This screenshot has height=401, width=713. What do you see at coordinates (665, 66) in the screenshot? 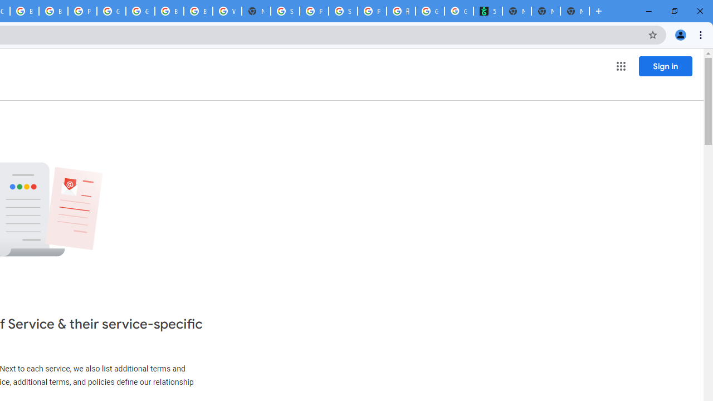
I see `'Sign in'` at bounding box center [665, 66].